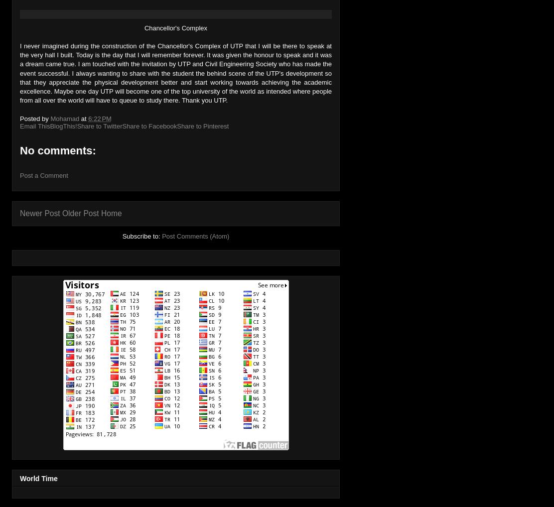 The image size is (554, 507). I want to click on 'Home', so click(110, 213).